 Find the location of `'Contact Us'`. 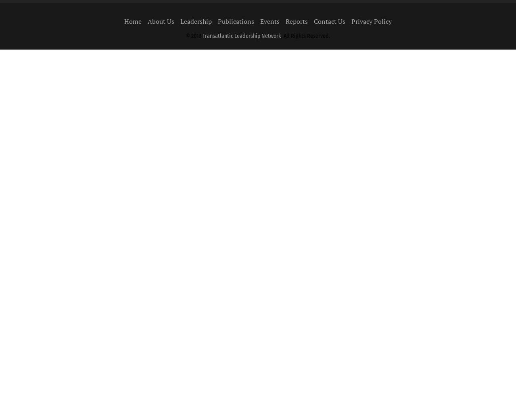

'Contact Us' is located at coordinates (329, 21).